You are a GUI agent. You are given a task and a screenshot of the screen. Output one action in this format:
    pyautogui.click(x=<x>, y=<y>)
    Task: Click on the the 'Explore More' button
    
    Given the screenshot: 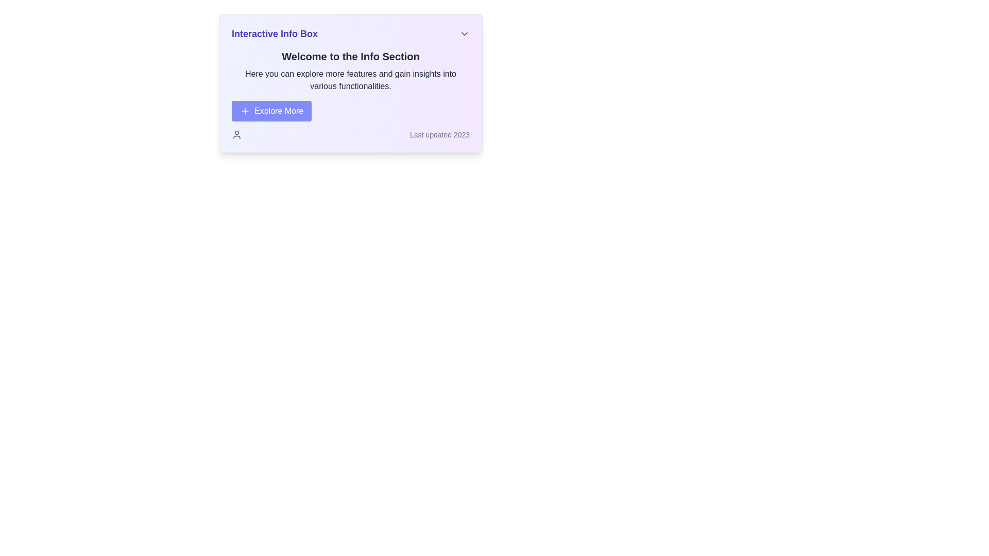 What is the action you would take?
    pyautogui.click(x=271, y=111)
    